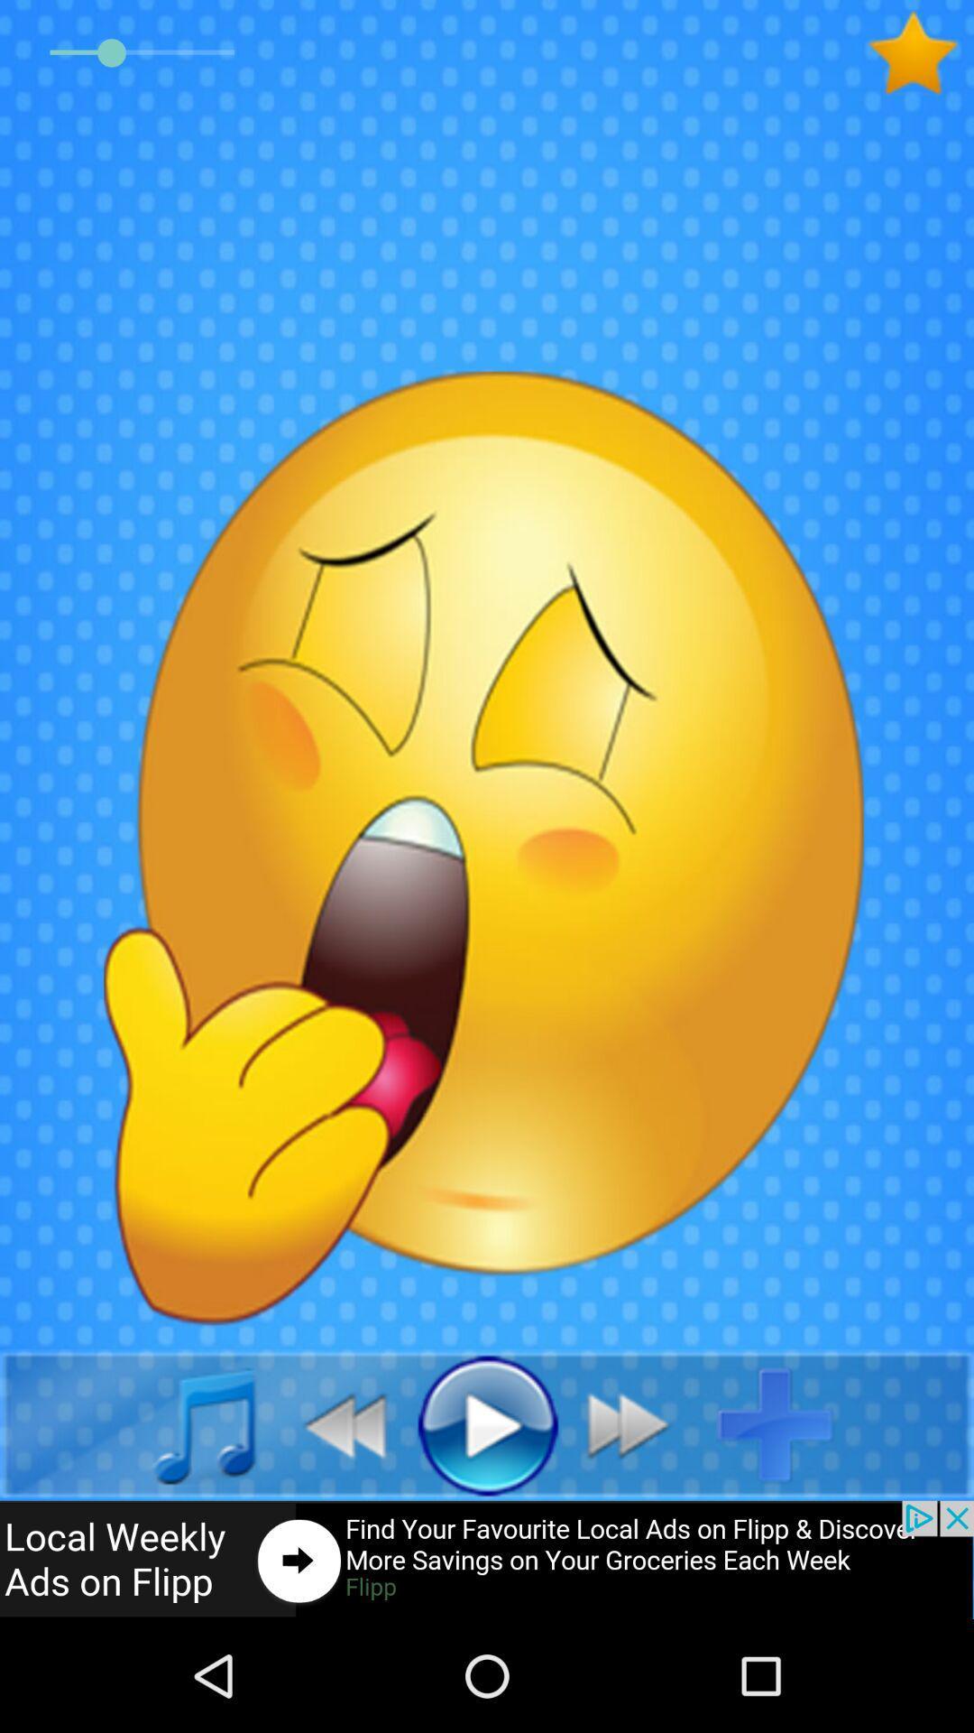  What do you see at coordinates (920, 53) in the screenshot?
I see `the star icon` at bounding box center [920, 53].